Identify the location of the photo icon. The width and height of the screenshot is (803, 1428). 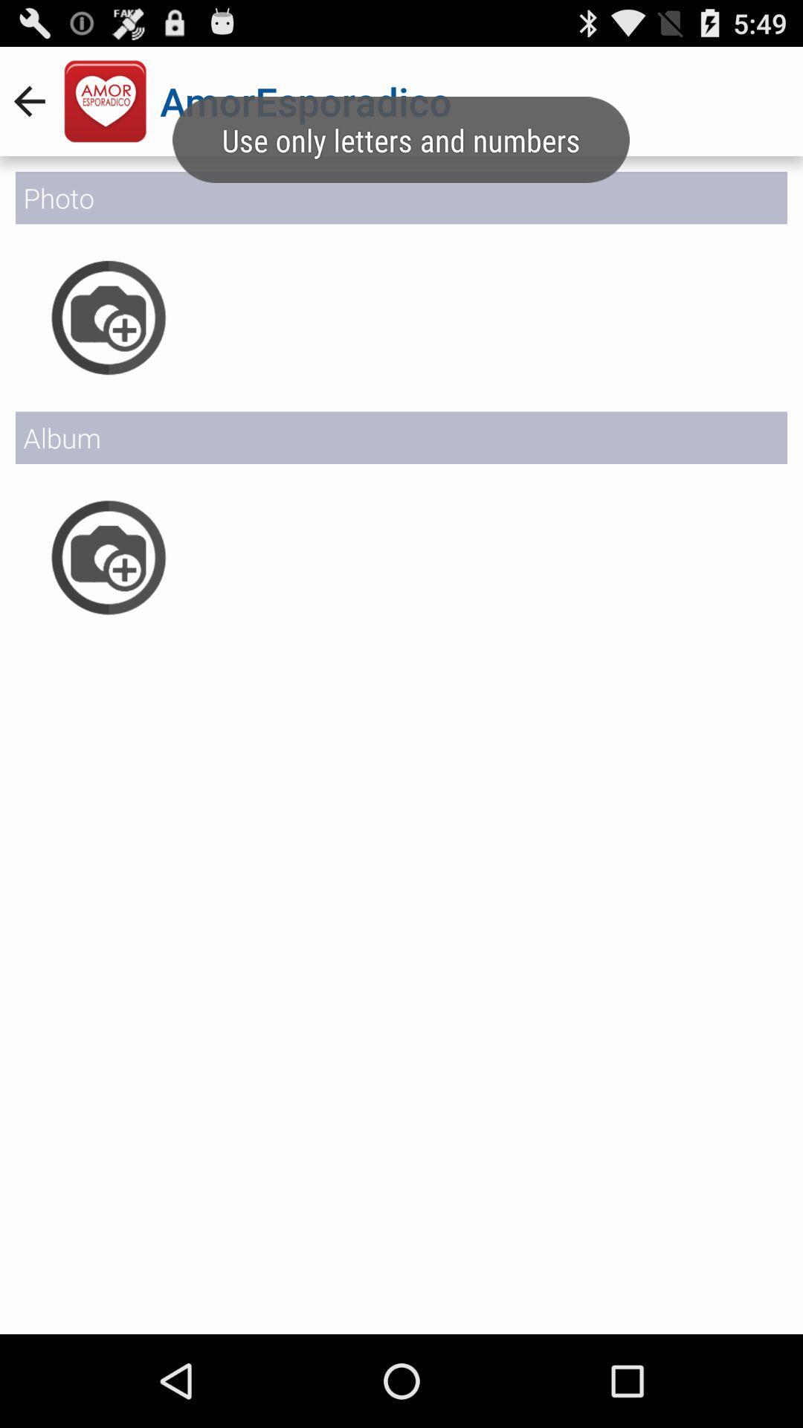
(108, 596).